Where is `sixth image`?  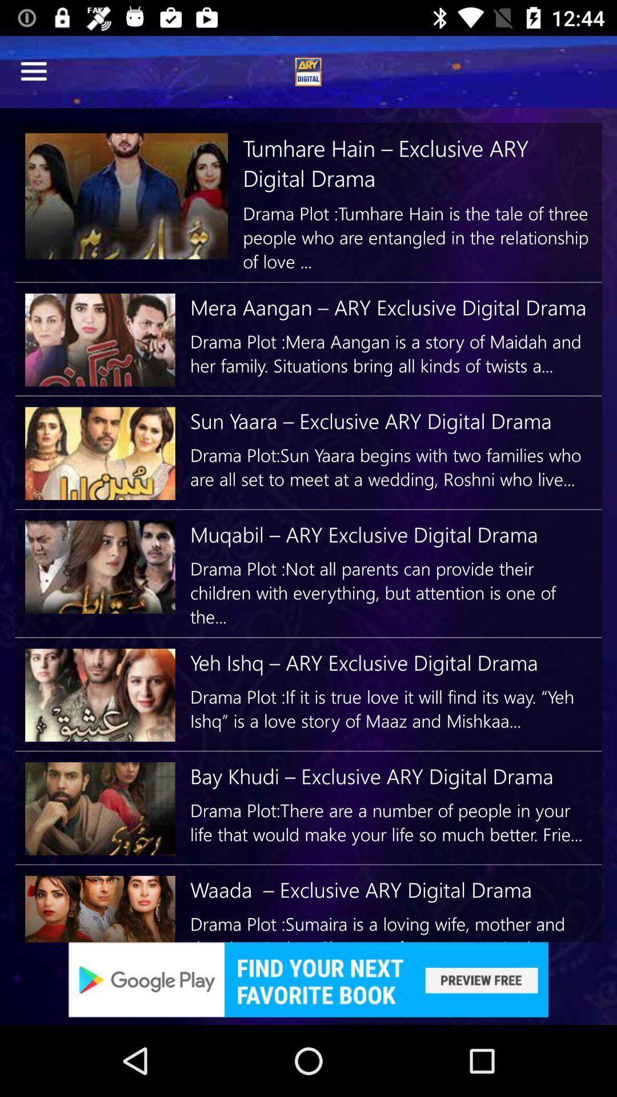
sixth image is located at coordinates (99, 808).